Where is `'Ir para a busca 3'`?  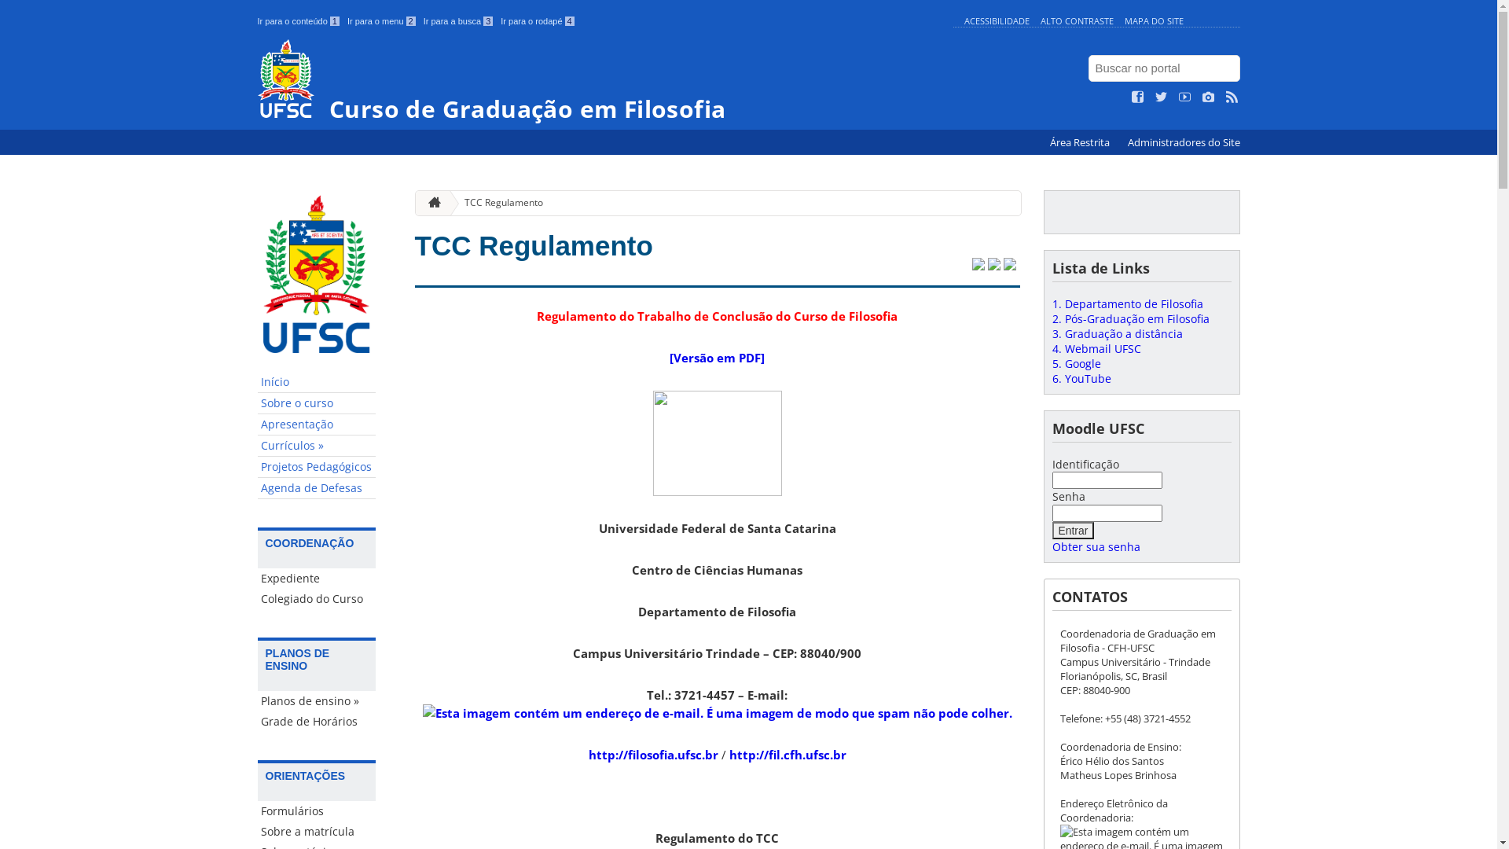
'Ir para a busca 3' is located at coordinates (457, 21).